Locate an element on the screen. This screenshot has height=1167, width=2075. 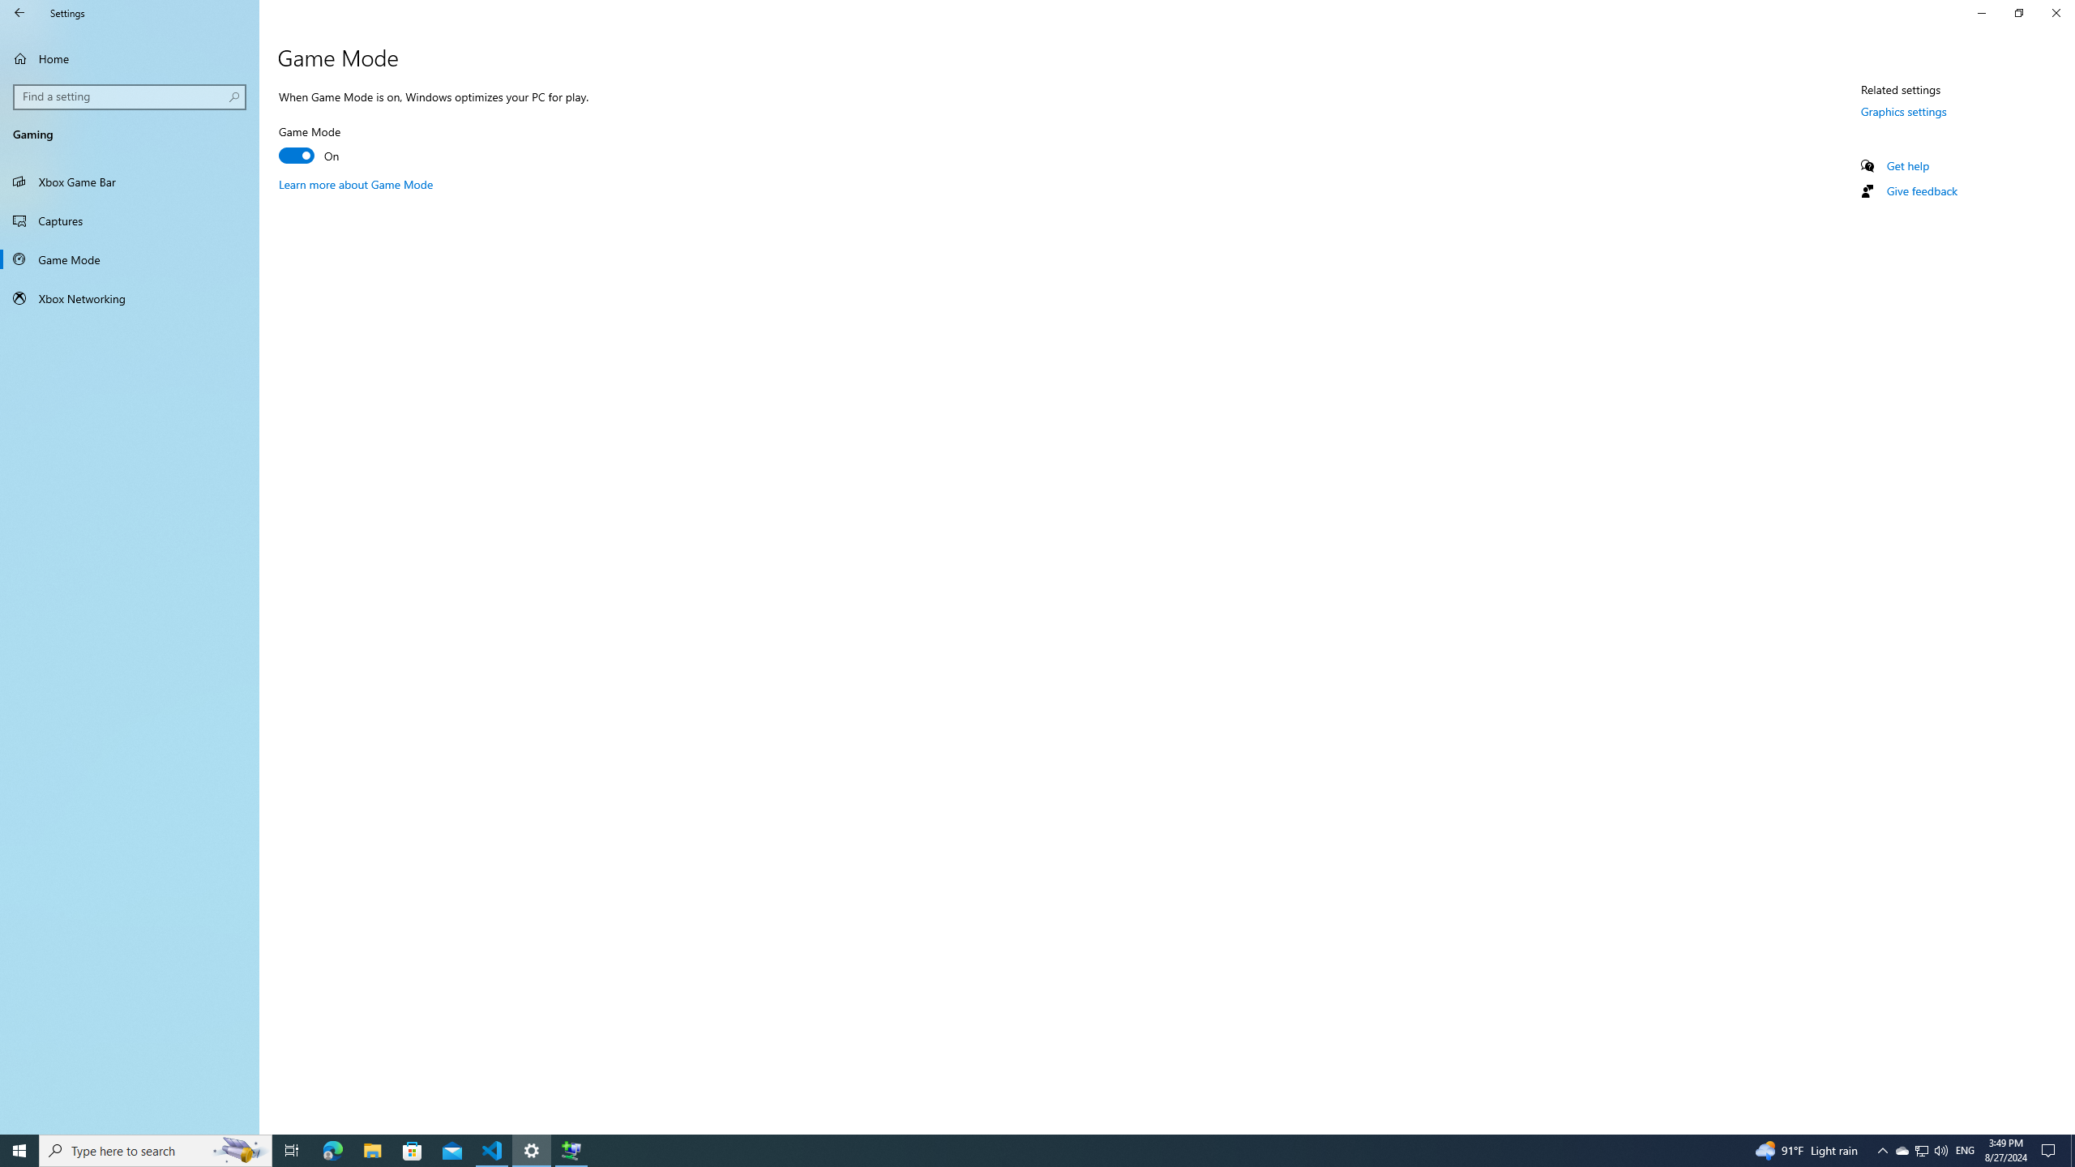
'Action Center, No new notifications' is located at coordinates (2051, 1149).